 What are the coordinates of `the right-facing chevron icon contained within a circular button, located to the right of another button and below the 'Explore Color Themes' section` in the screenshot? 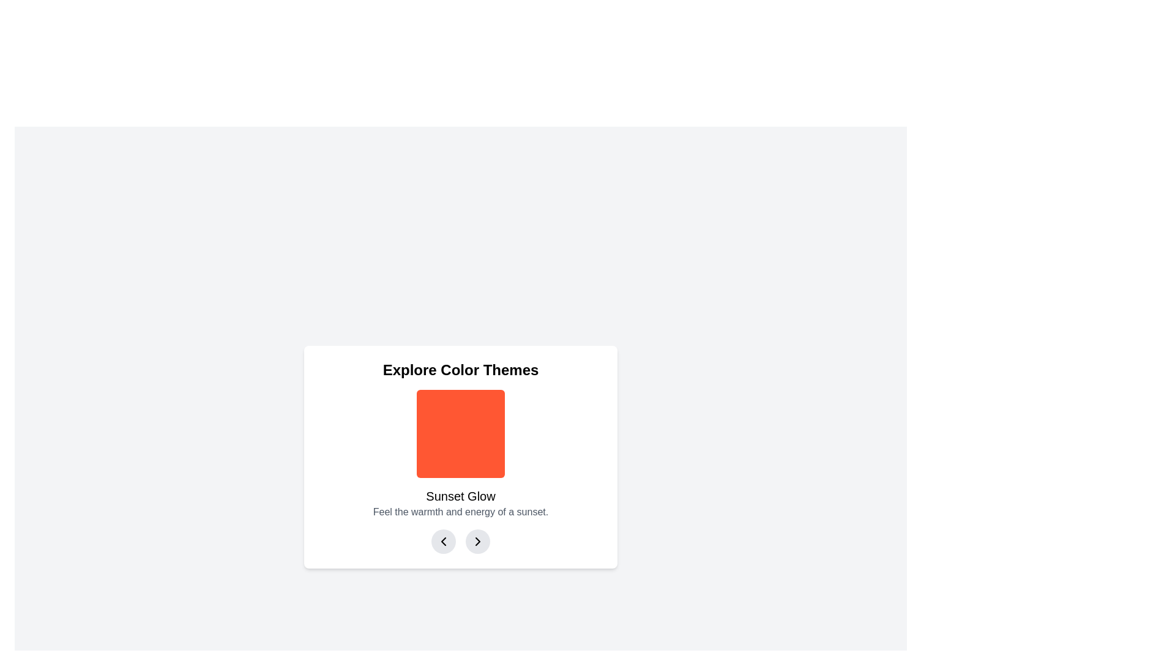 It's located at (477, 540).